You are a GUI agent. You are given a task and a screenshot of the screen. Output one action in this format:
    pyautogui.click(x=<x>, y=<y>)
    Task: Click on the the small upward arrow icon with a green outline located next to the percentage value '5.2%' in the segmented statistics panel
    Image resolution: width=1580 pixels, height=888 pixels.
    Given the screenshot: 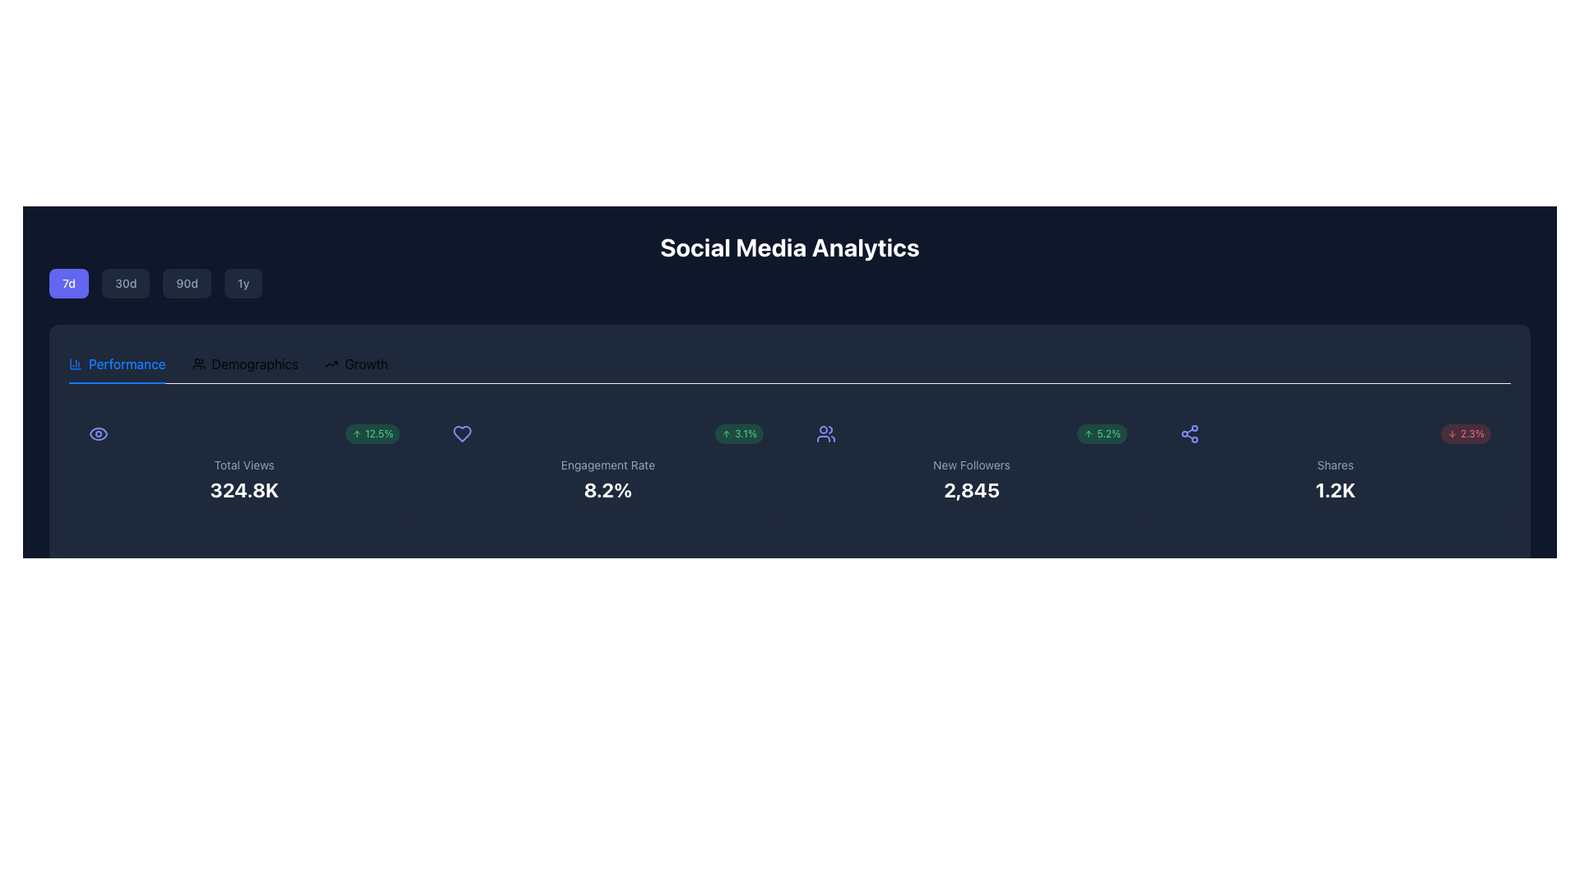 What is the action you would take?
    pyautogui.click(x=1089, y=433)
    